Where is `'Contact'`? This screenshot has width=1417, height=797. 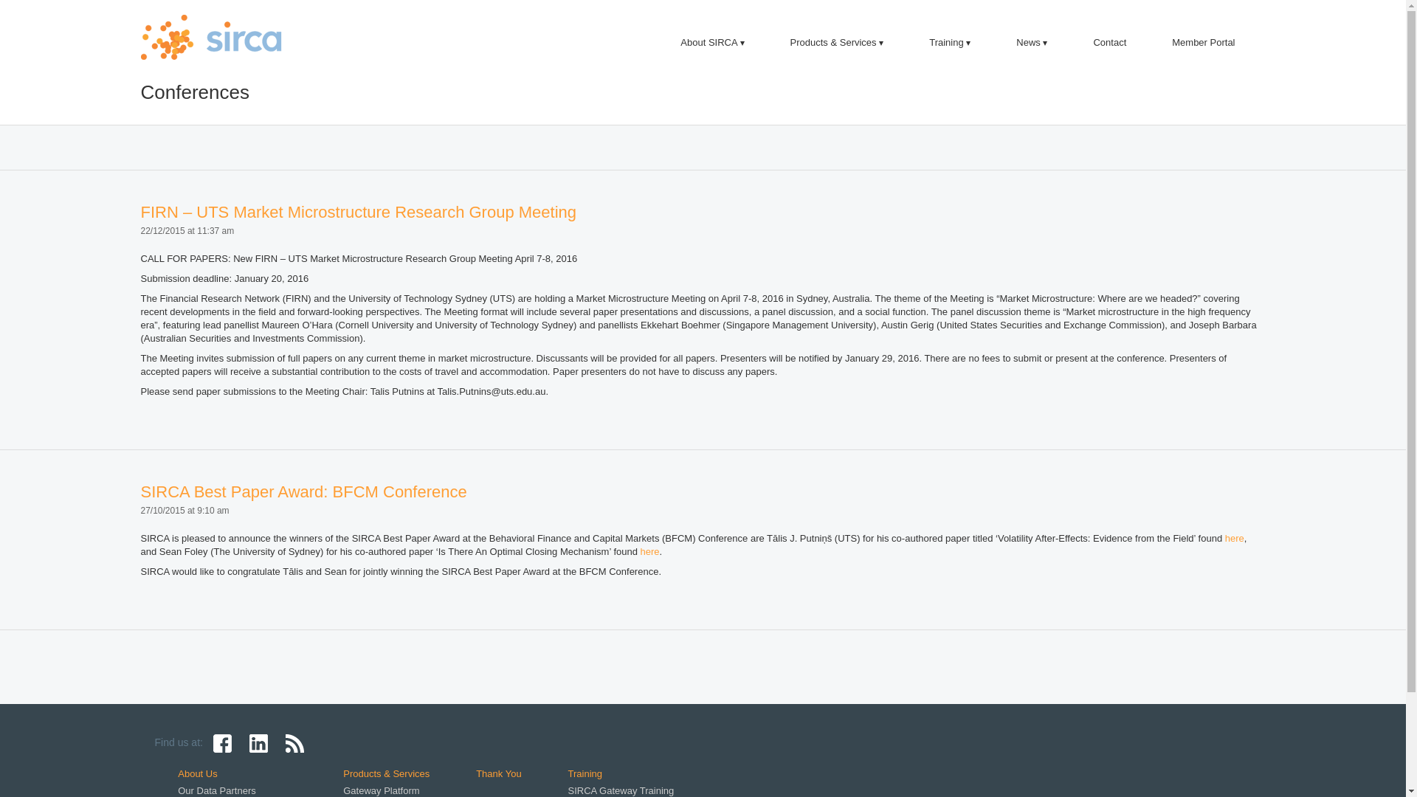
'Contact' is located at coordinates (1109, 41).